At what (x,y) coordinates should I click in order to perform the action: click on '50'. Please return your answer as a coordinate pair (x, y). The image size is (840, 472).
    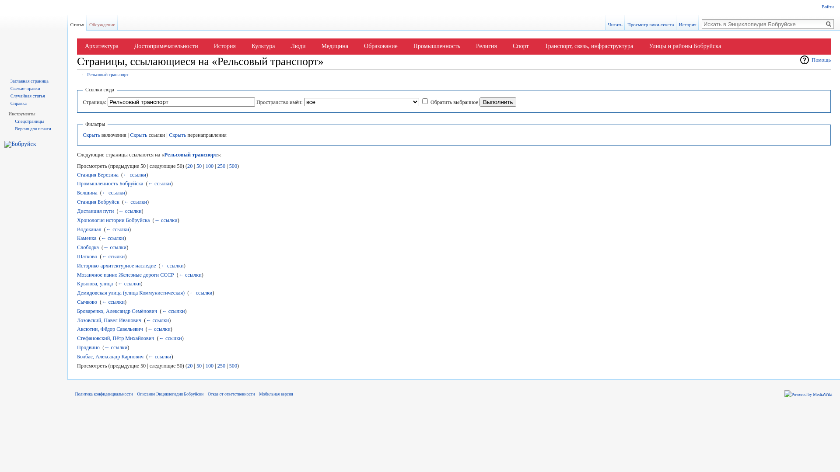
    Looking at the image, I should click on (199, 166).